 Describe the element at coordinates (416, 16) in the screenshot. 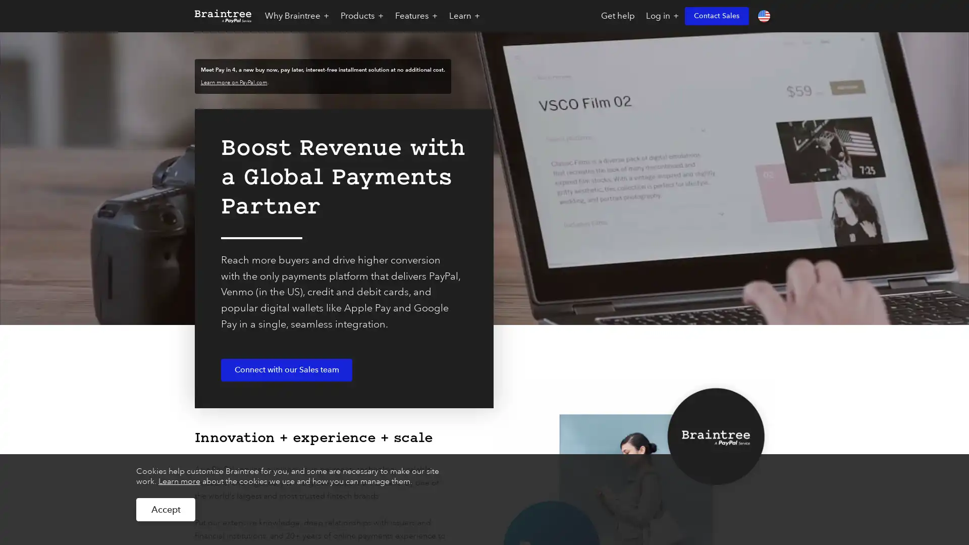

I see `Features menu` at that location.